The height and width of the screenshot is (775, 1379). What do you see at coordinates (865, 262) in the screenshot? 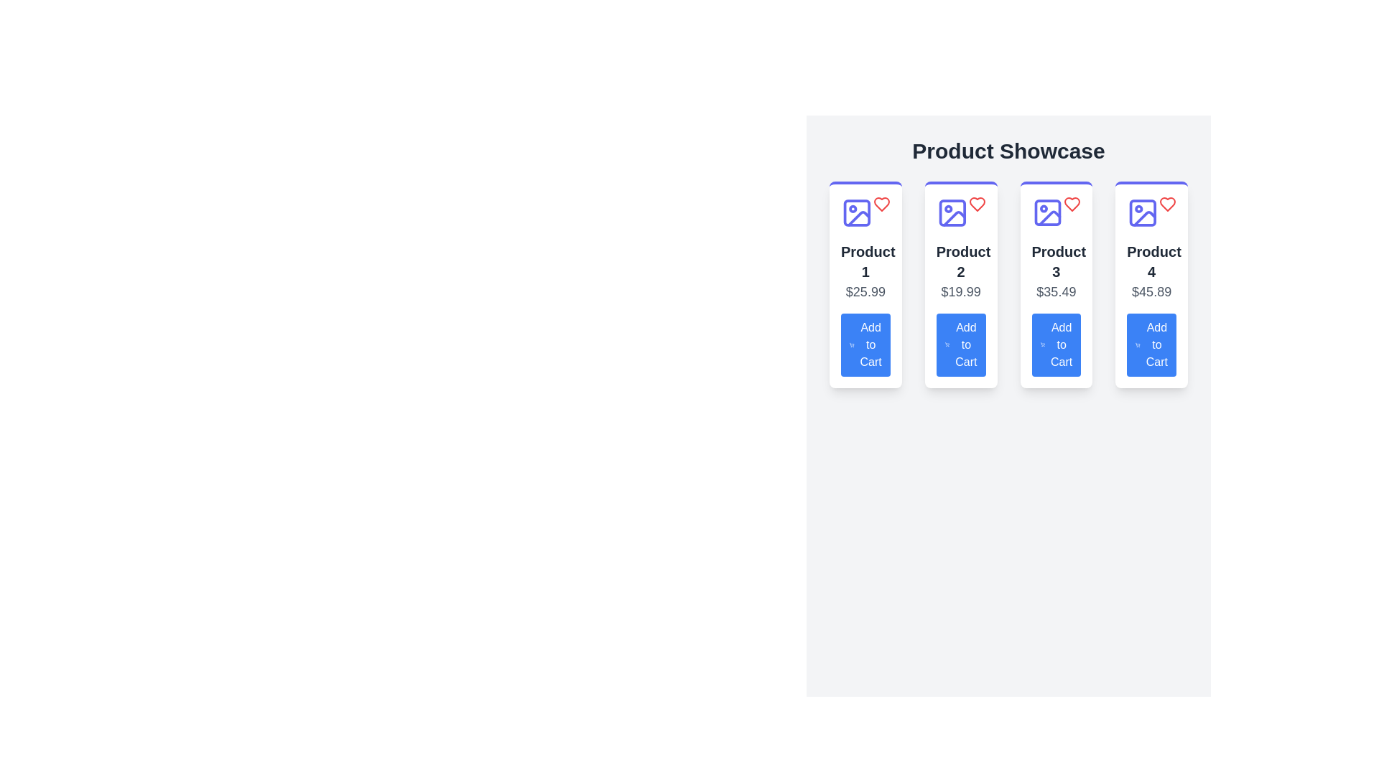
I see `the text label displaying 'Product 1' in bold, extra-large font located in the first product card from the left, positioned above the price label and below the image placeholder` at bounding box center [865, 262].